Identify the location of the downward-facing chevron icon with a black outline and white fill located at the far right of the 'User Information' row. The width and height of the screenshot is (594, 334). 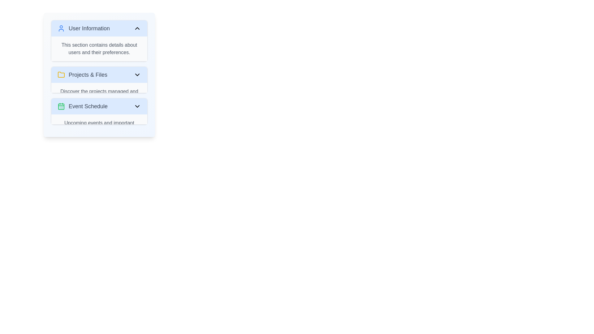
(137, 28).